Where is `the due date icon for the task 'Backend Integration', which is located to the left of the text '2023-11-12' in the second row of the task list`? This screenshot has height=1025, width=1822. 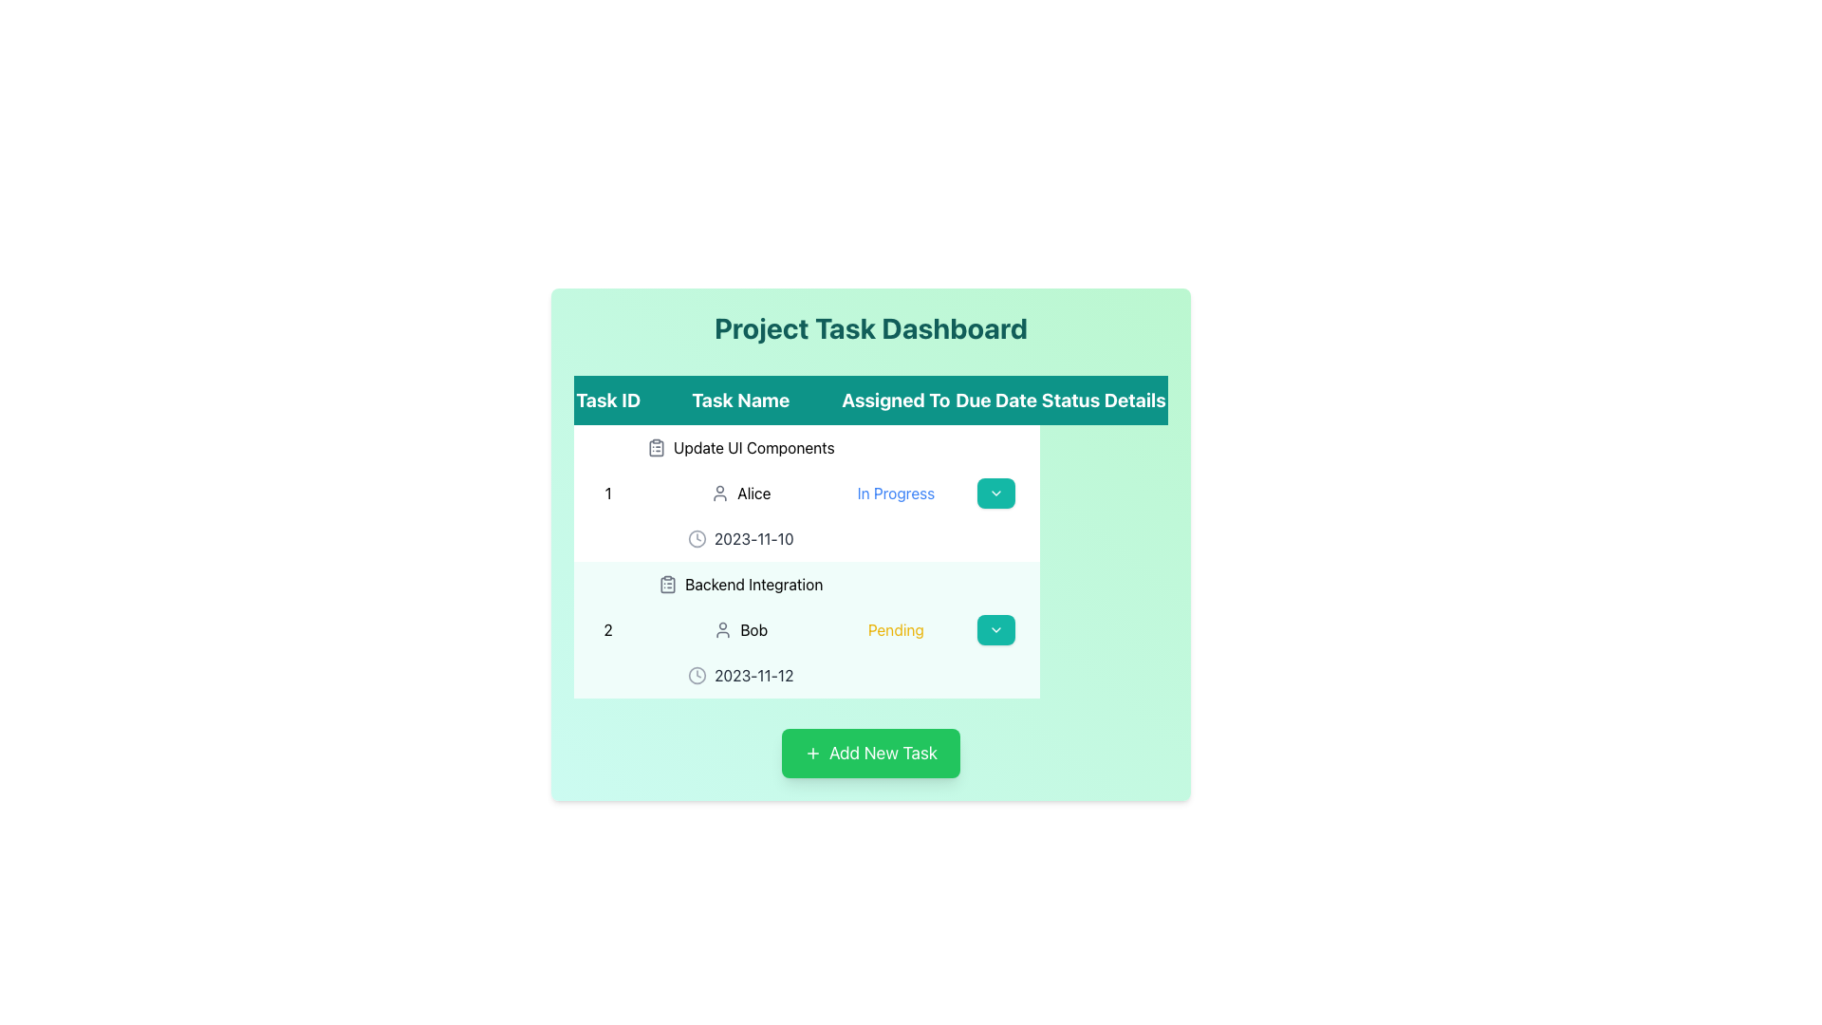 the due date icon for the task 'Backend Integration', which is located to the left of the text '2023-11-12' in the second row of the task list is located at coordinates (697, 675).